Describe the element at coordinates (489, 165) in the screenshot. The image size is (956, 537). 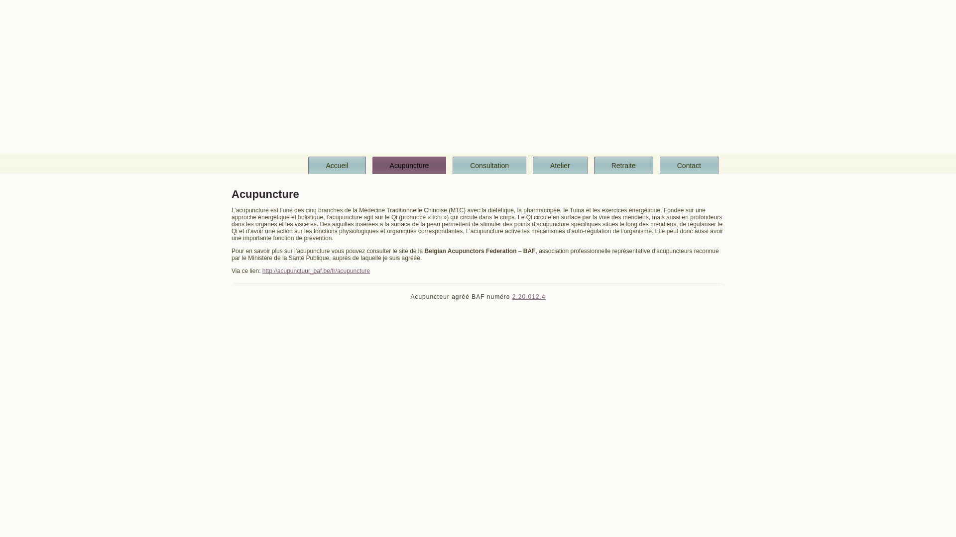
I see `'Consultation'` at that location.